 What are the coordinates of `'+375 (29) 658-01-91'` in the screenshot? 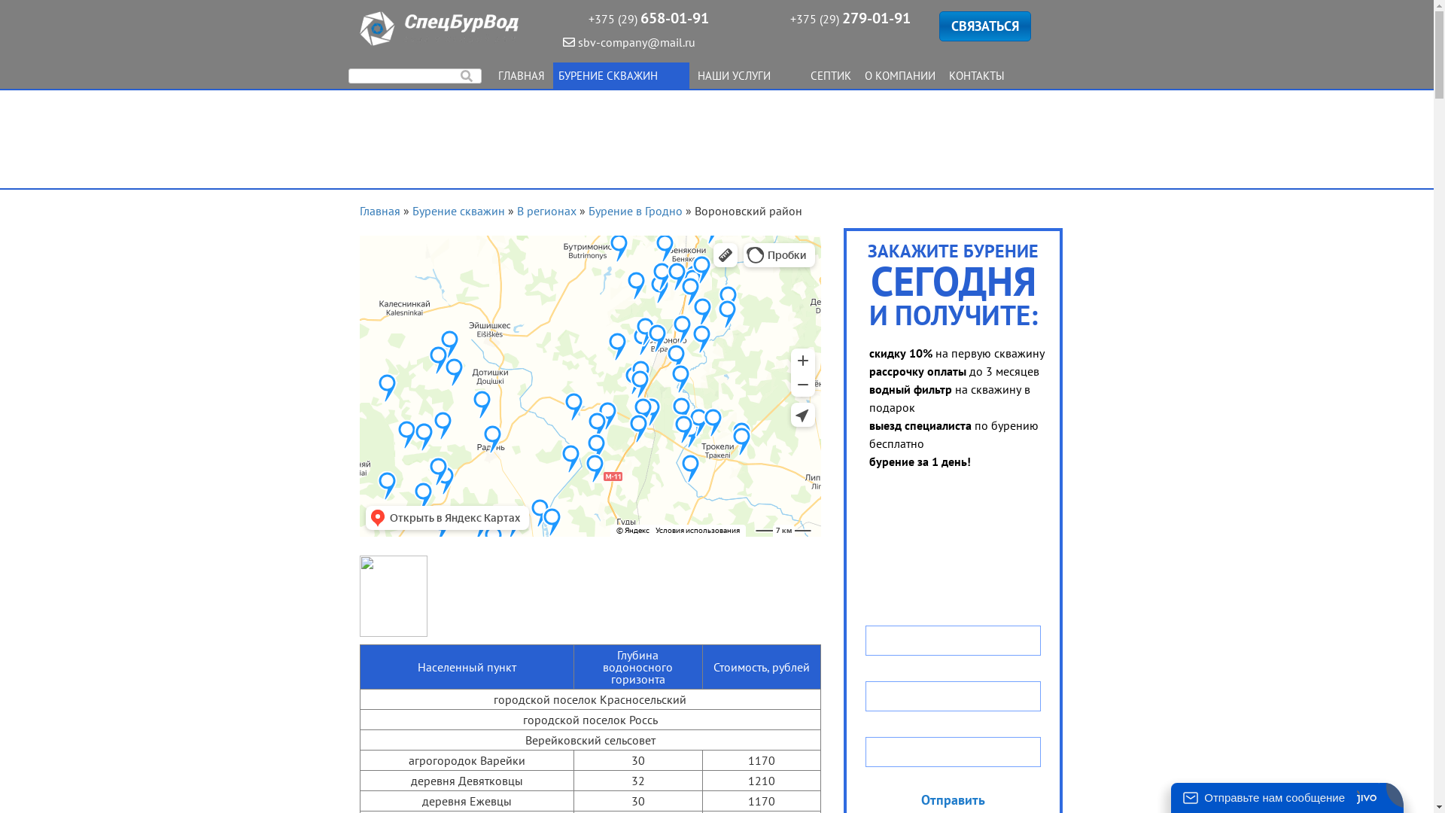 It's located at (649, 18).